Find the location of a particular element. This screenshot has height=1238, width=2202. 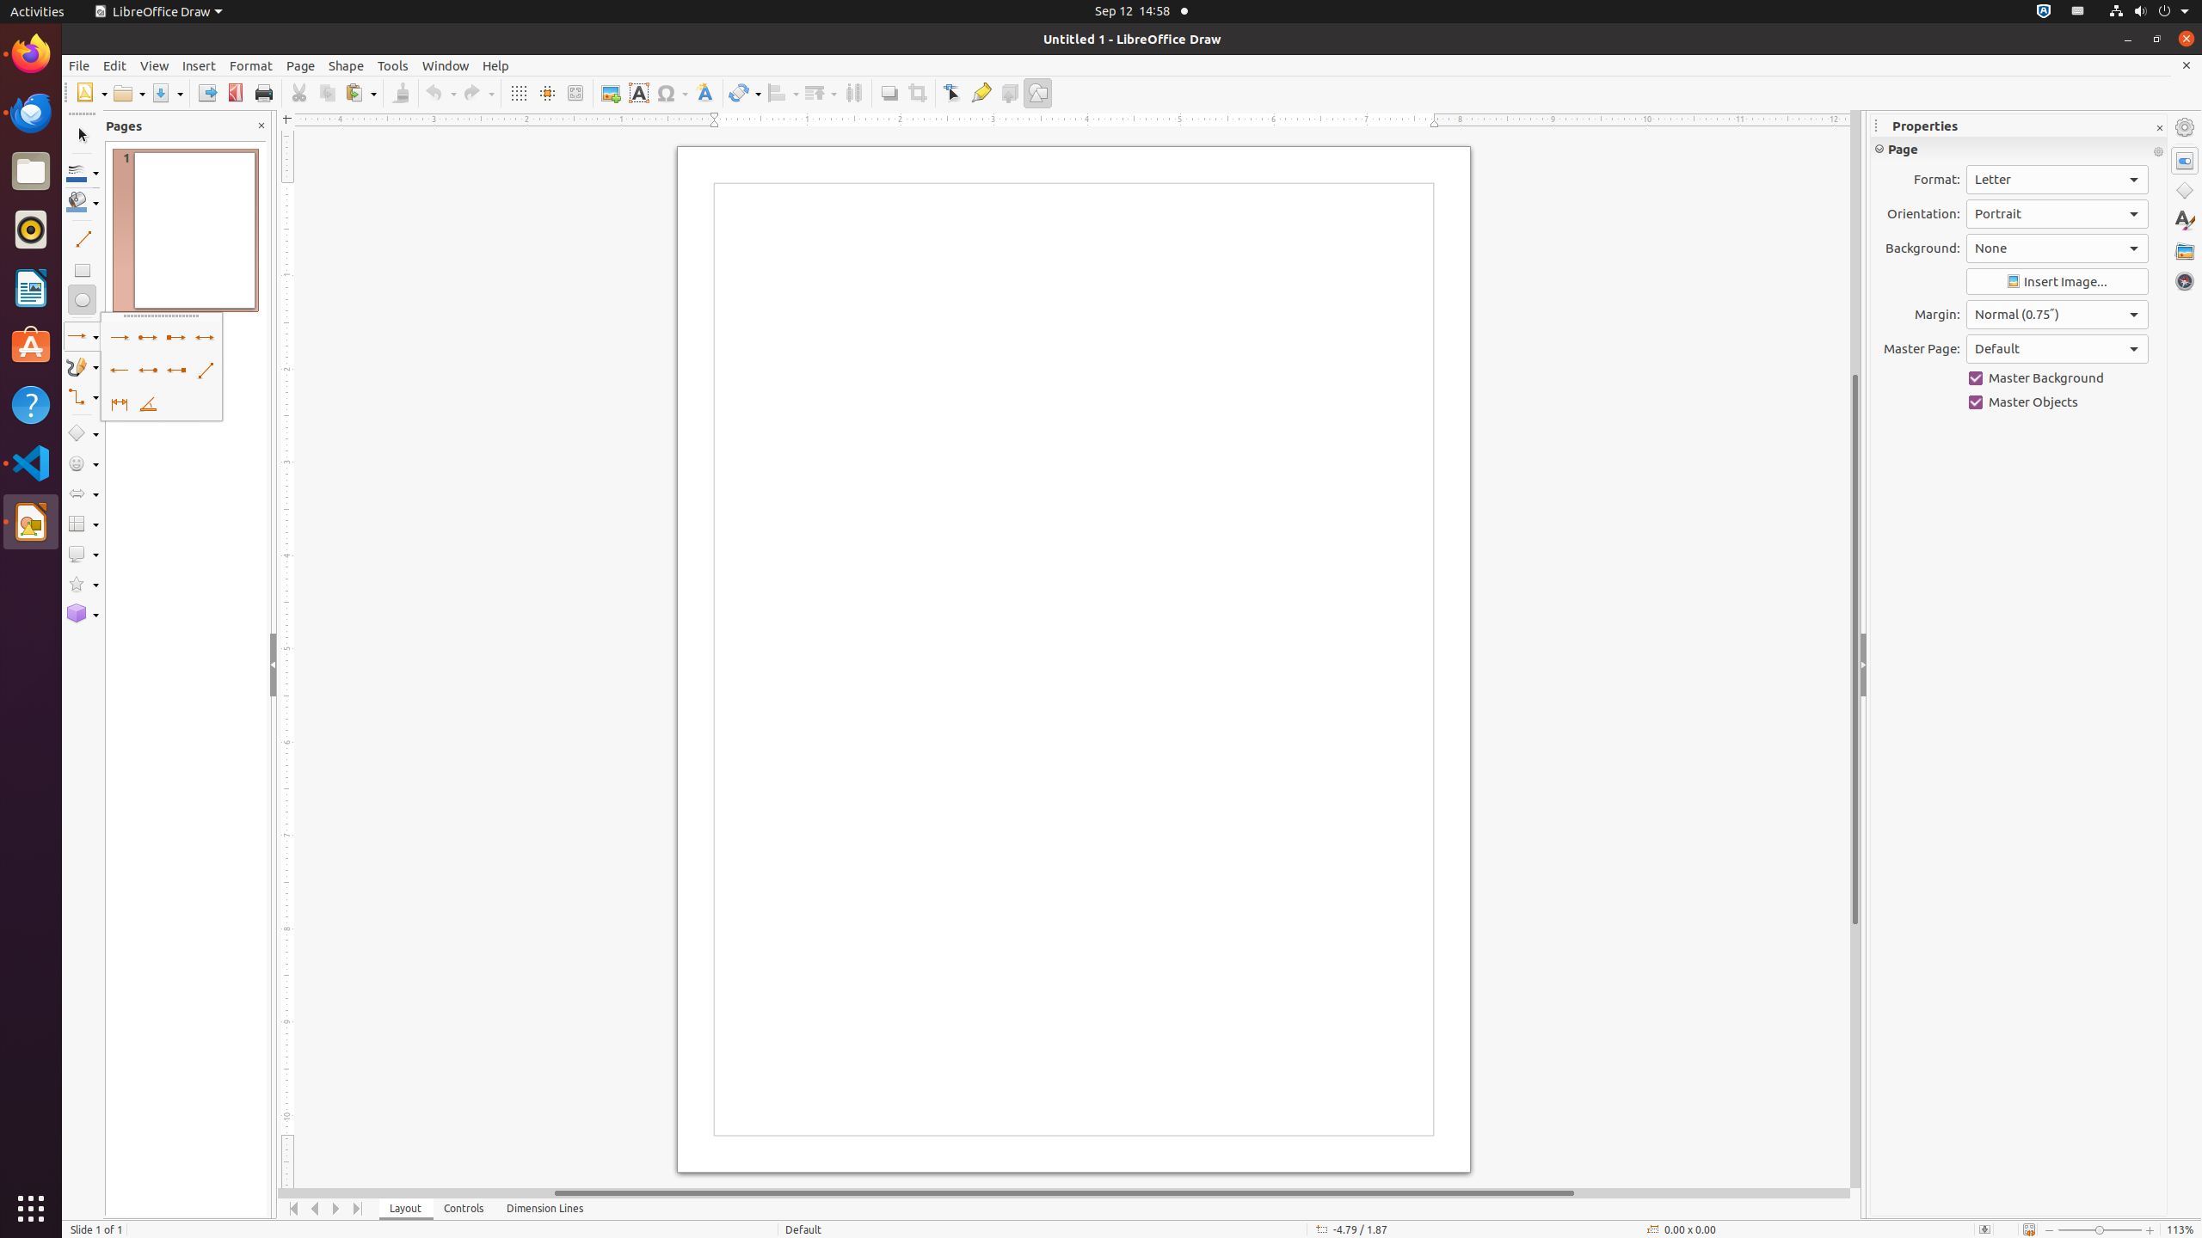

'Page' is located at coordinates (299, 65).